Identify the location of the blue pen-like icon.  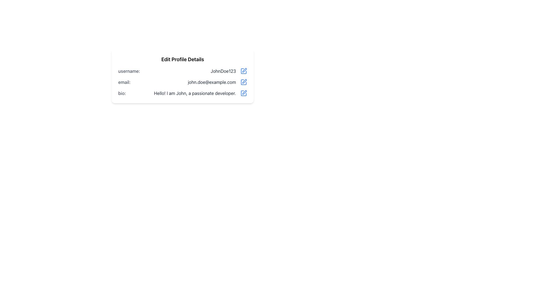
(244, 92).